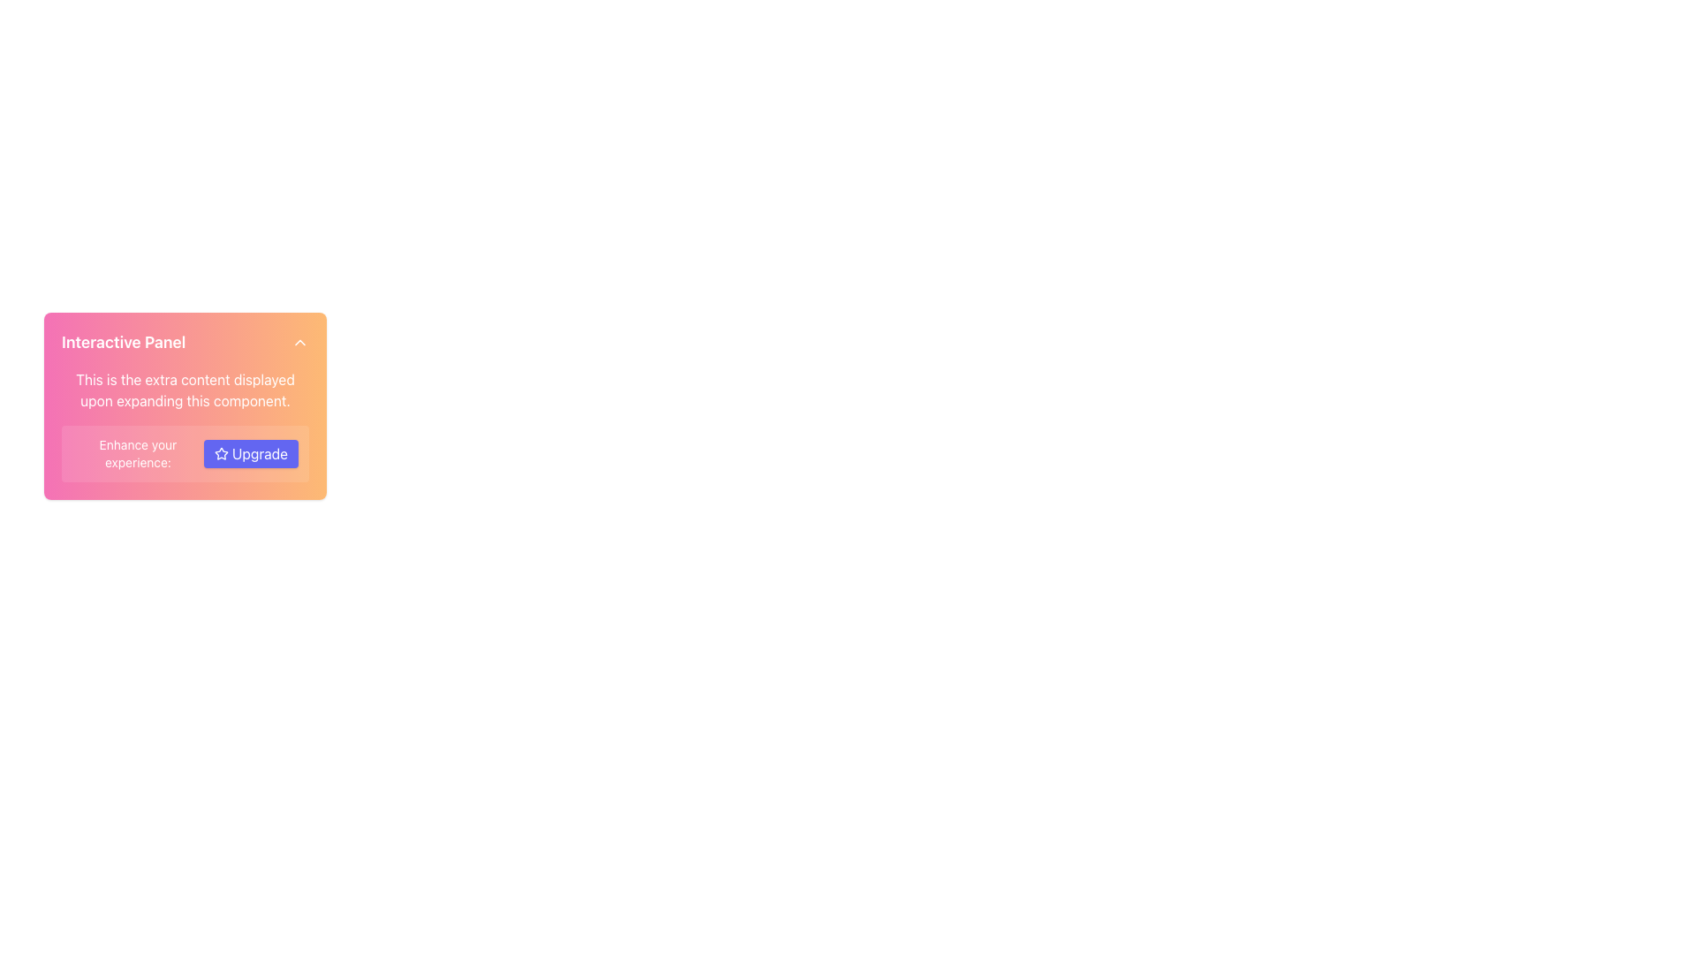 The height and width of the screenshot is (954, 1696). I want to click on the star icon located in the bottom right corner of the interactive panel, which is part of a visually structured layout with an orange and purple gradient design, so click(220, 452).